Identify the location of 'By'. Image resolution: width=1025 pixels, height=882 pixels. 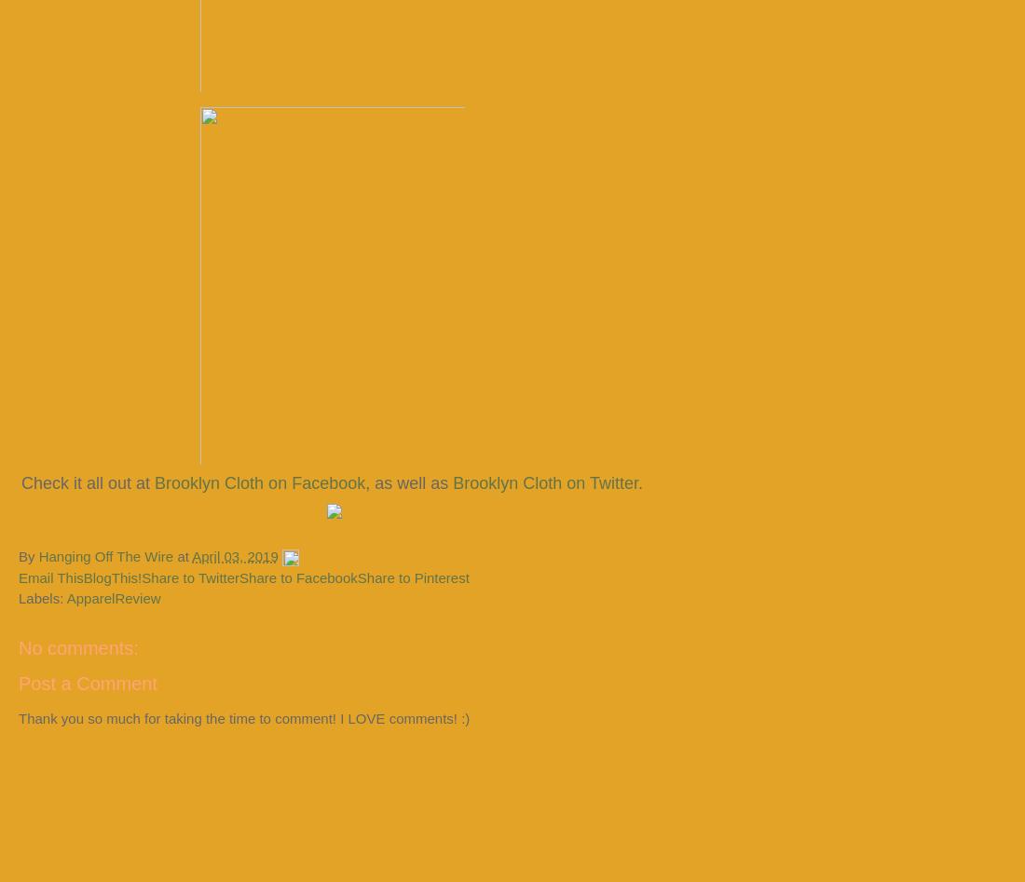
(18, 556).